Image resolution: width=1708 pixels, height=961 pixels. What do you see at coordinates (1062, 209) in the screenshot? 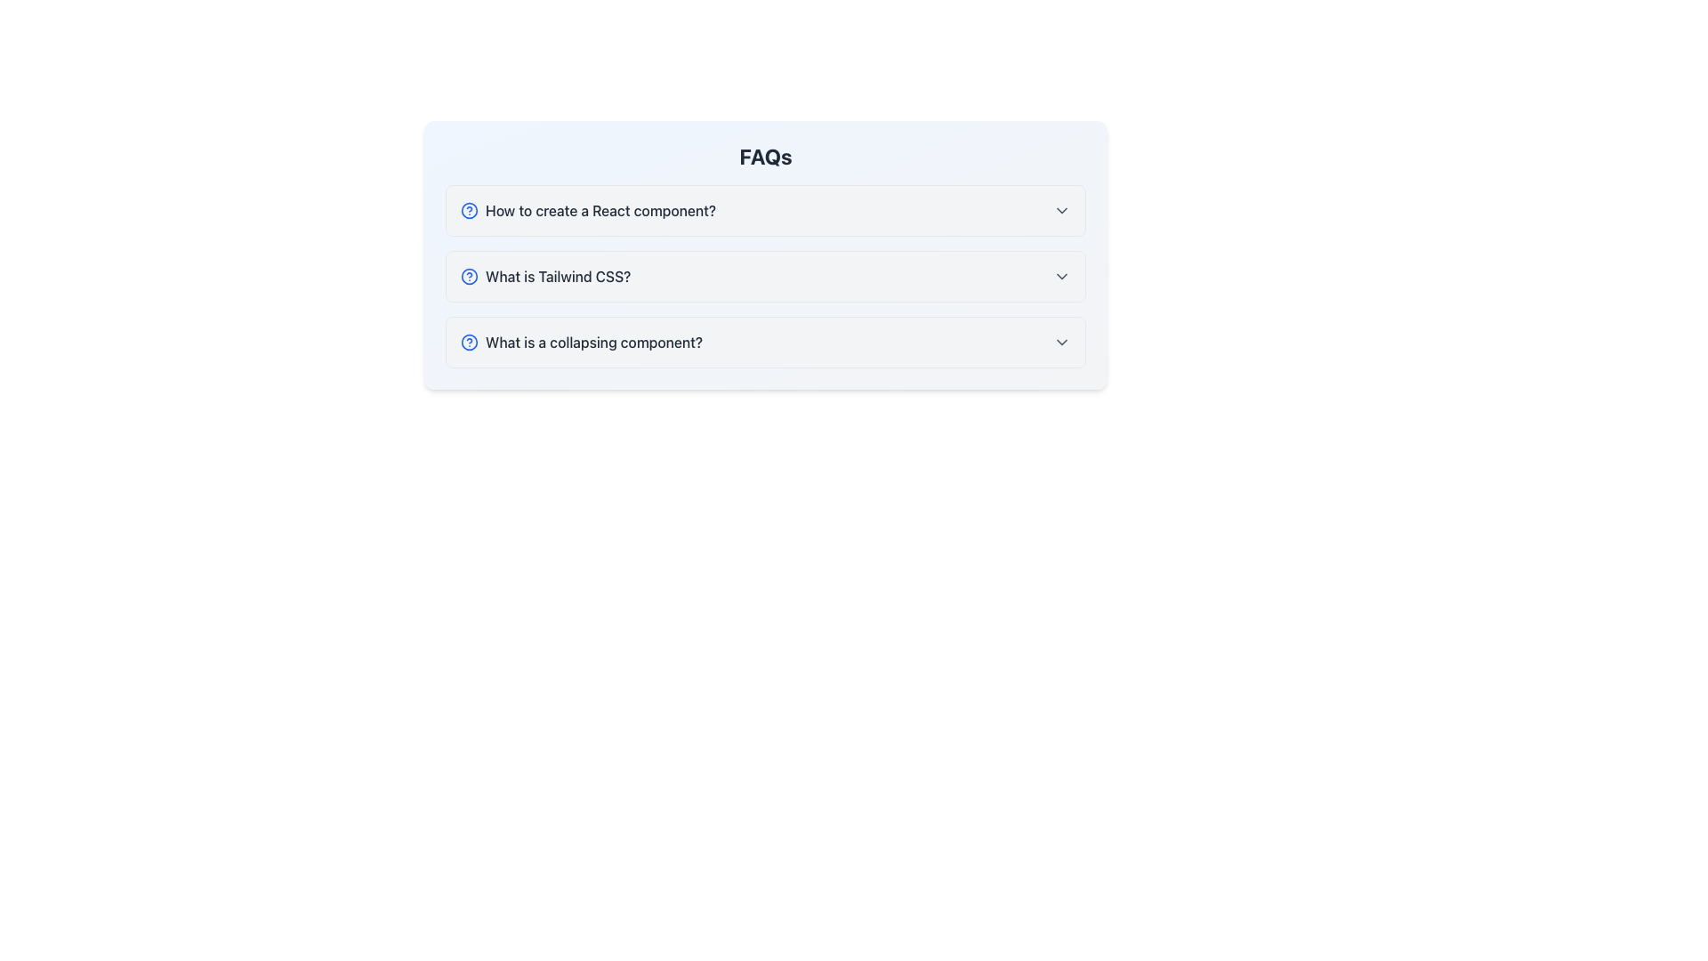
I see `the downward-pointing gray chevron icon located at the rightmost edge of the section header labeled 'How to create a React component?'` at bounding box center [1062, 209].